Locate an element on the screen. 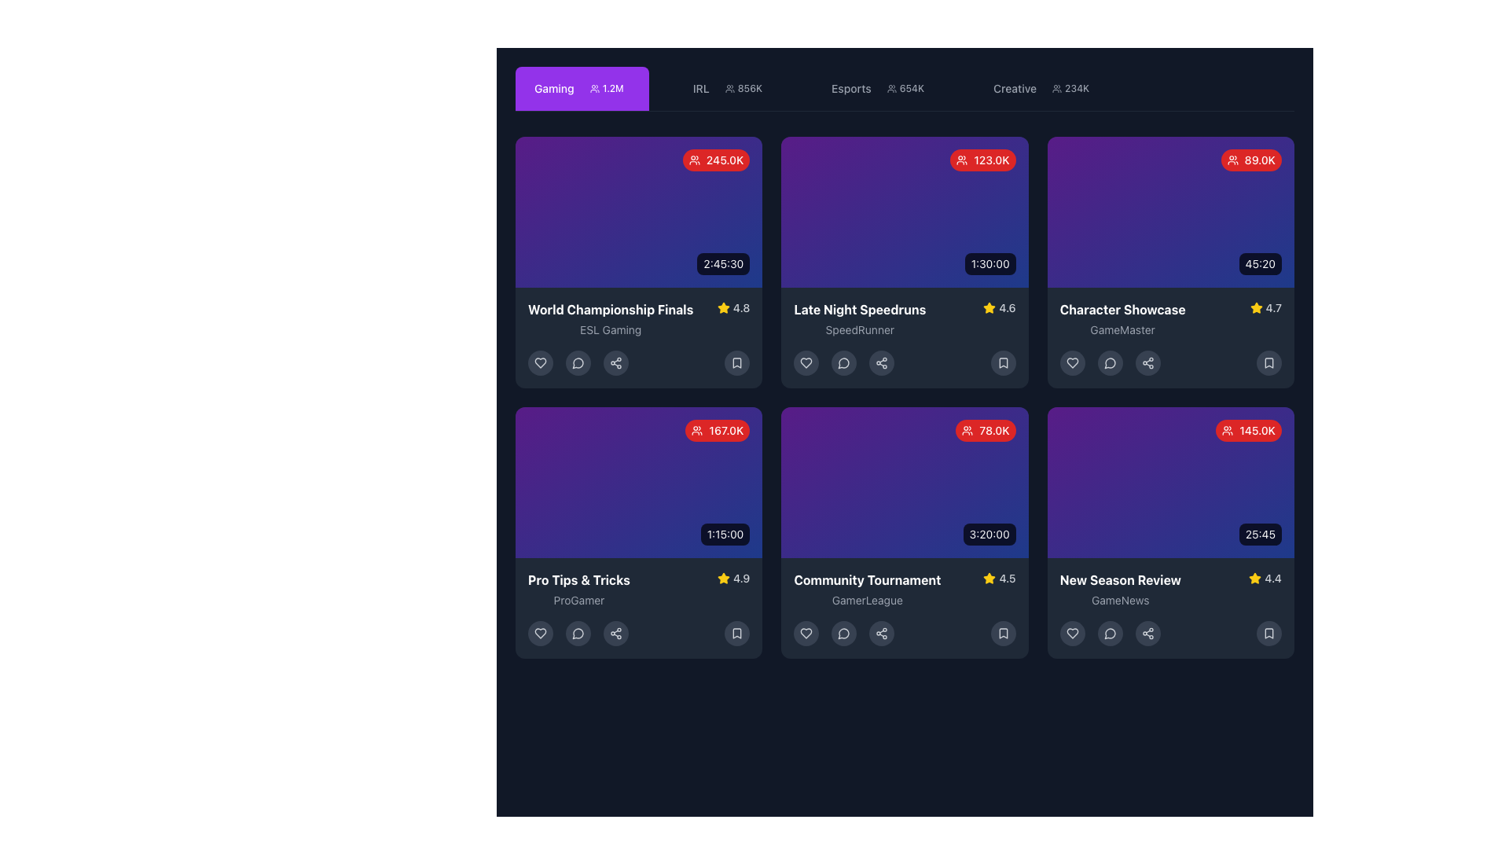 This screenshot has width=1509, height=849. the text label displaying the time indication '25:45' located in the bottom-right corner of the video card is located at coordinates (1260, 533).